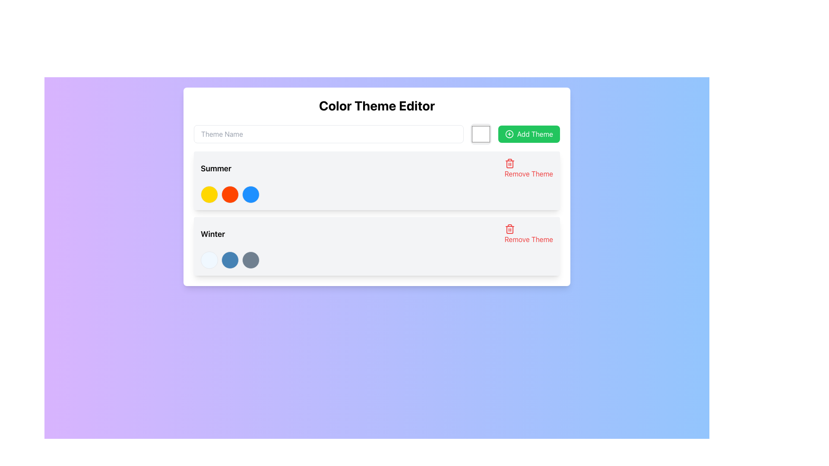  I want to click on the 'Add Theme' button located in the top-right section of the Color Theme Editor layout to initiate the process of creating a new theme, so click(528, 134).